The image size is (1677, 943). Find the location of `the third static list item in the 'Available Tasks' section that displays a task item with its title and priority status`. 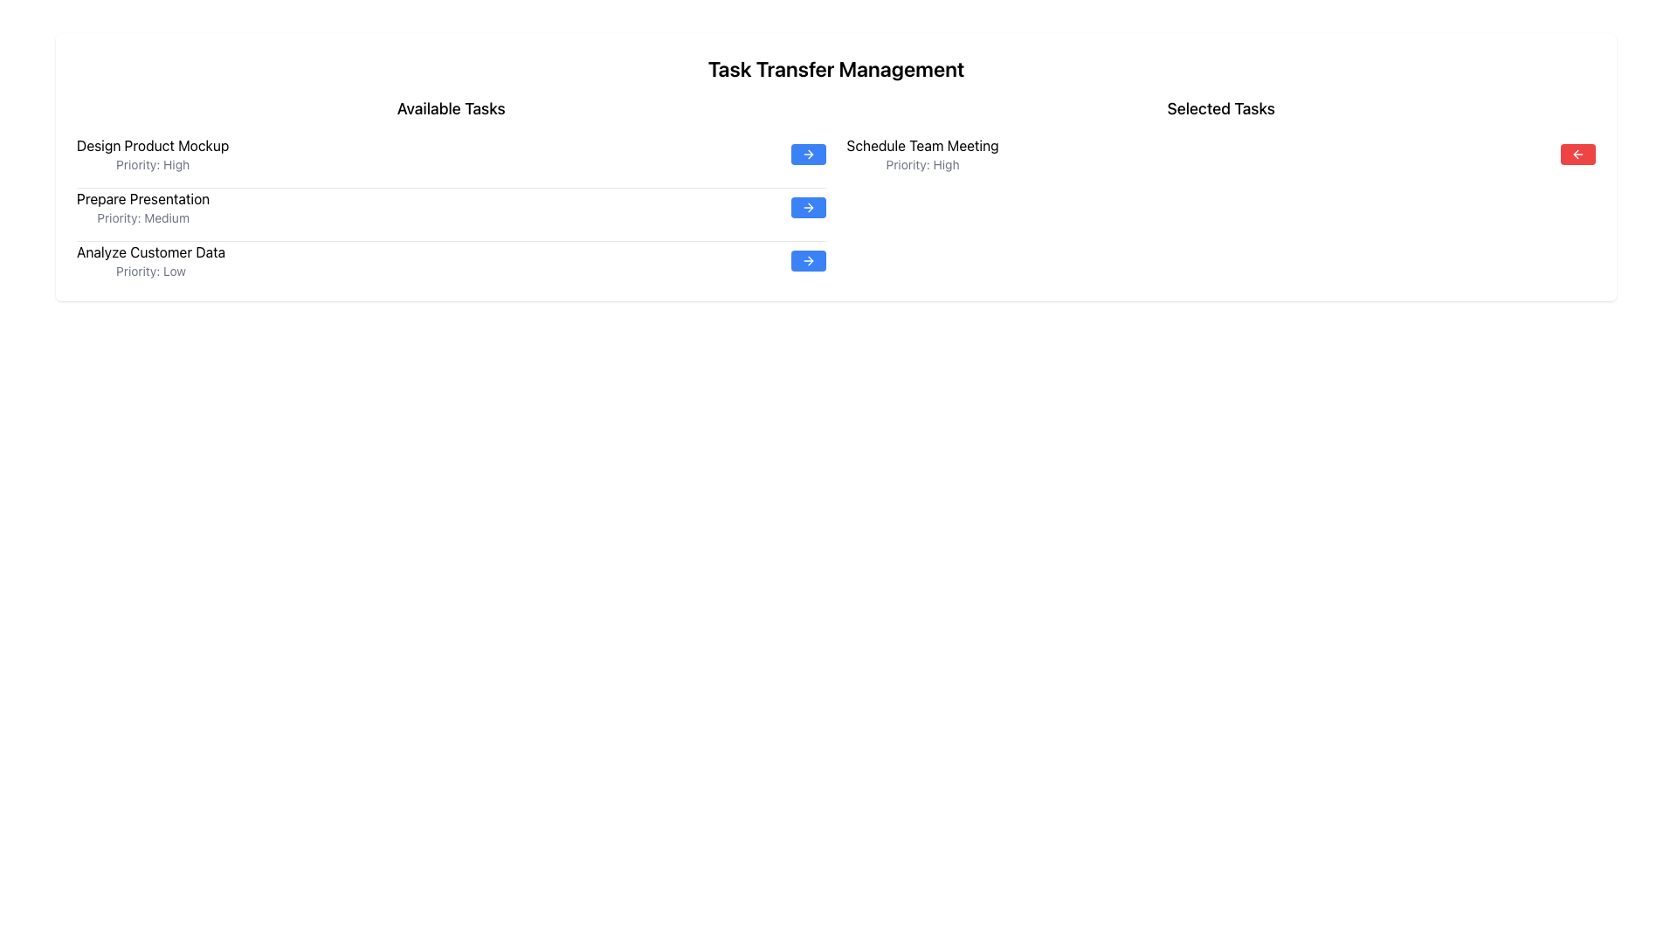

the third static list item in the 'Available Tasks' section that displays a task item with its title and priority status is located at coordinates (150, 261).